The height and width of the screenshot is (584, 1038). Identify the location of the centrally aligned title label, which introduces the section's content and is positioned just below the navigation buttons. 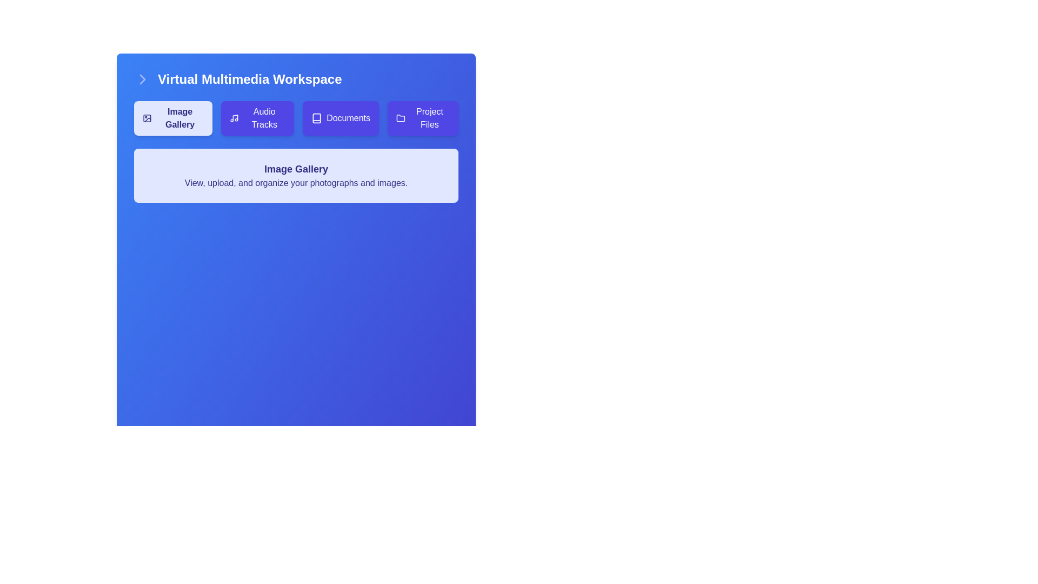
(296, 169).